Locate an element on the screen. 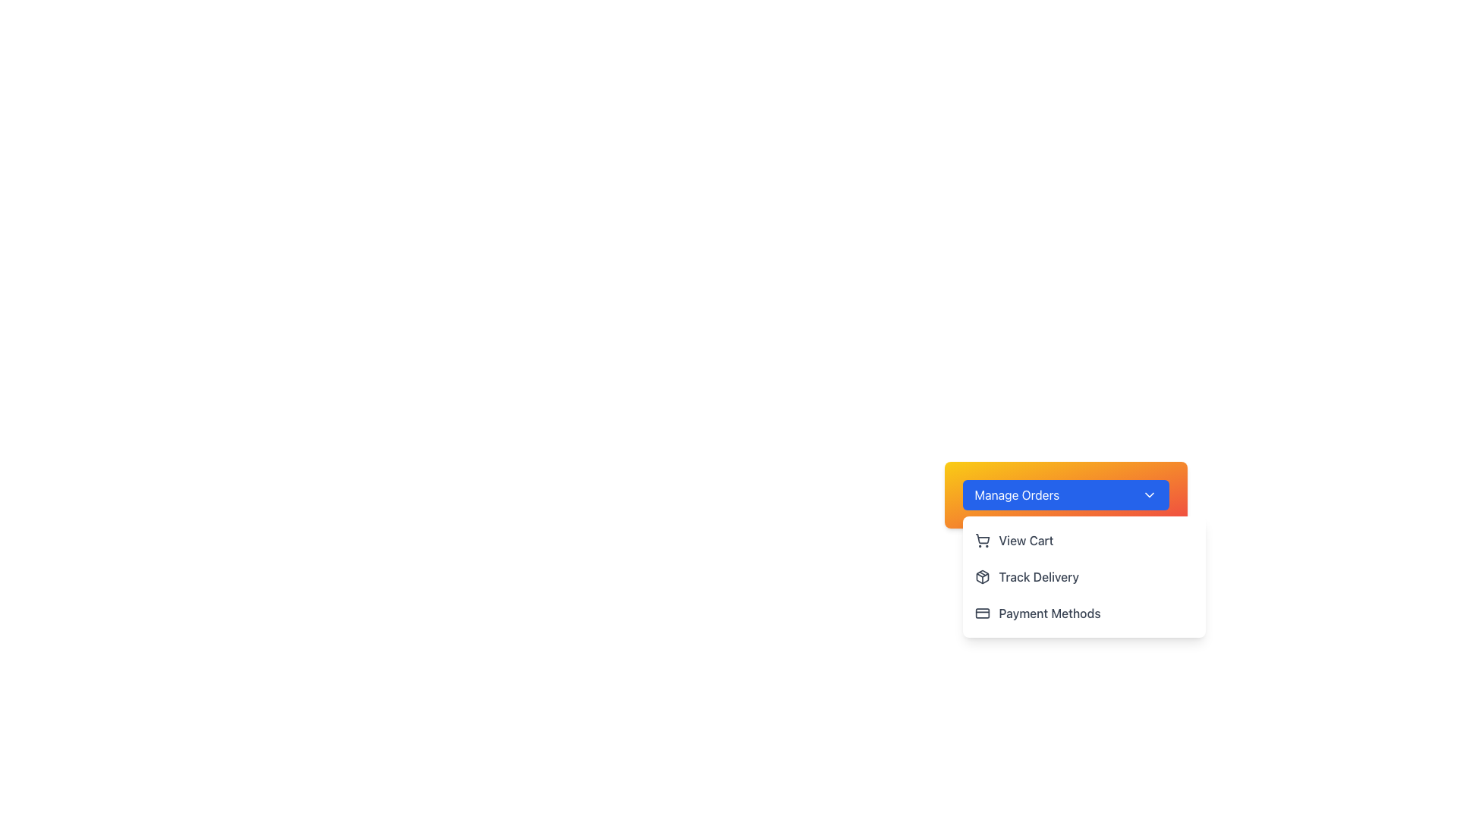 The image size is (1457, 819). the 'Payment Methods' menu item, which is represented by a credit card icon and is the last option in the 'Manage Orders' dropdown menu is located at coordinates (1083, 613).